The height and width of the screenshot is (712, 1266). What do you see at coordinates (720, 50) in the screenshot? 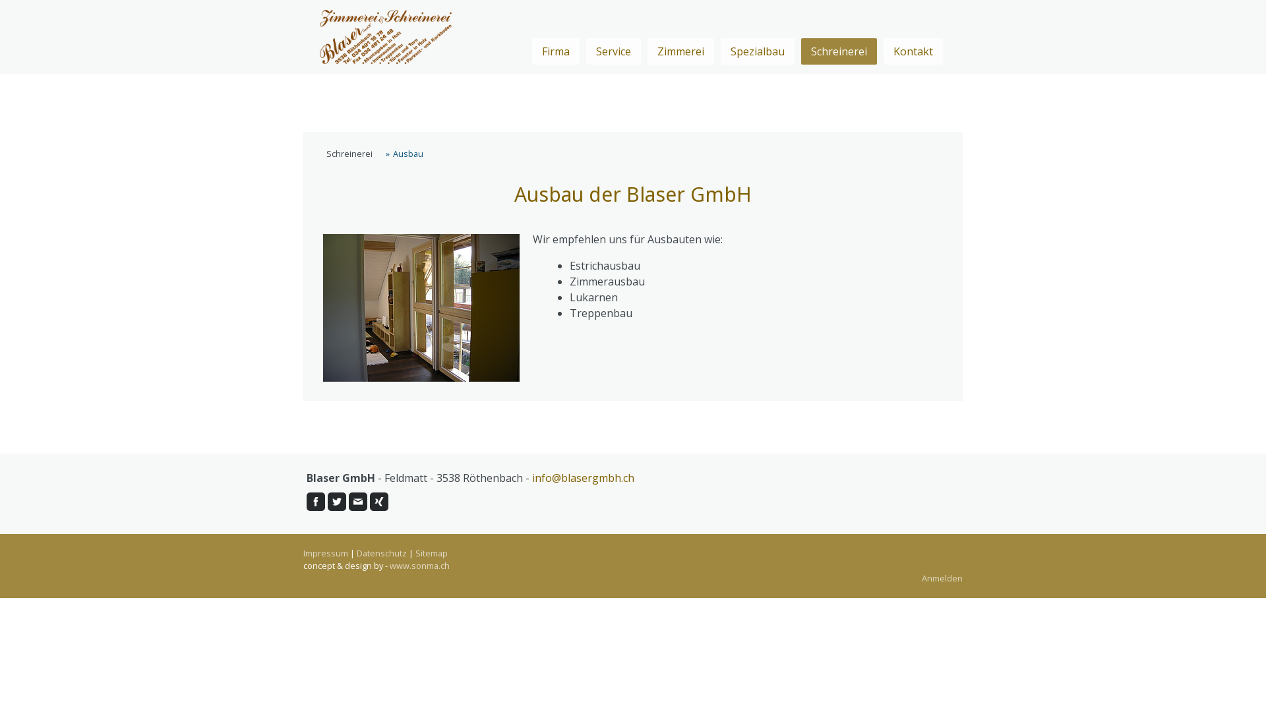
I see `'Spezialbau'` at bounding box center [720, 50].